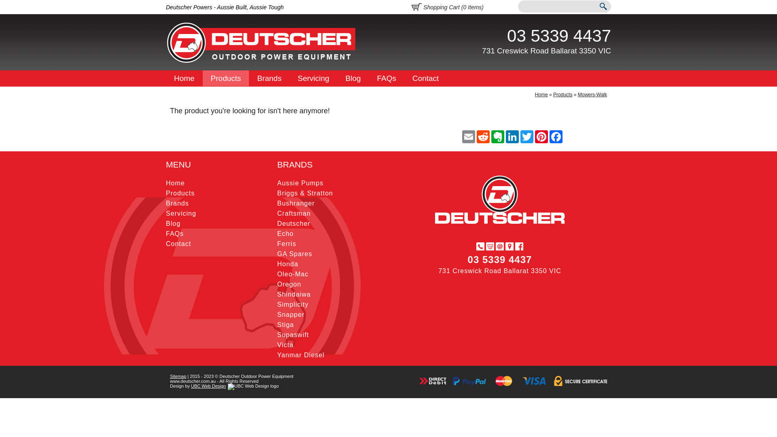 This screenshot has height=437, width=777. I want to click on 'GA Spares', so click(294, 253).